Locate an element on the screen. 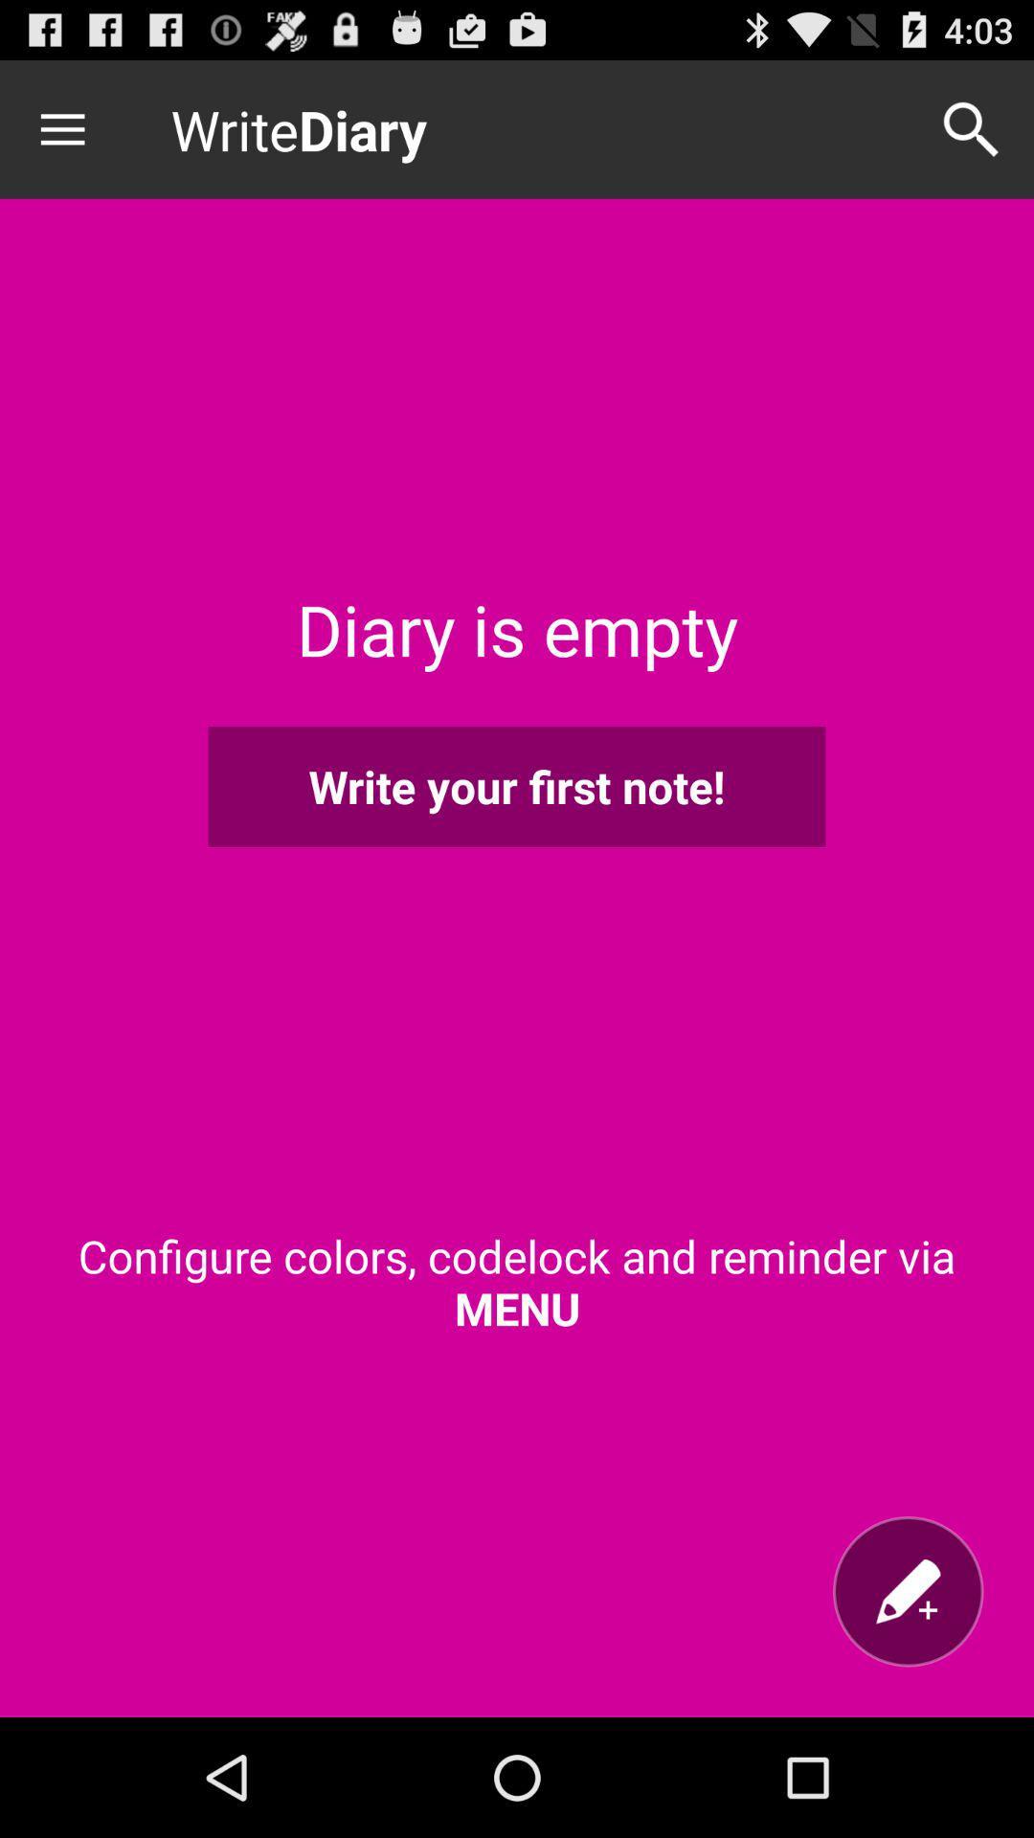 This screenshot has height=1838, width=1034. write your first button is located at coordinates (517, 786).